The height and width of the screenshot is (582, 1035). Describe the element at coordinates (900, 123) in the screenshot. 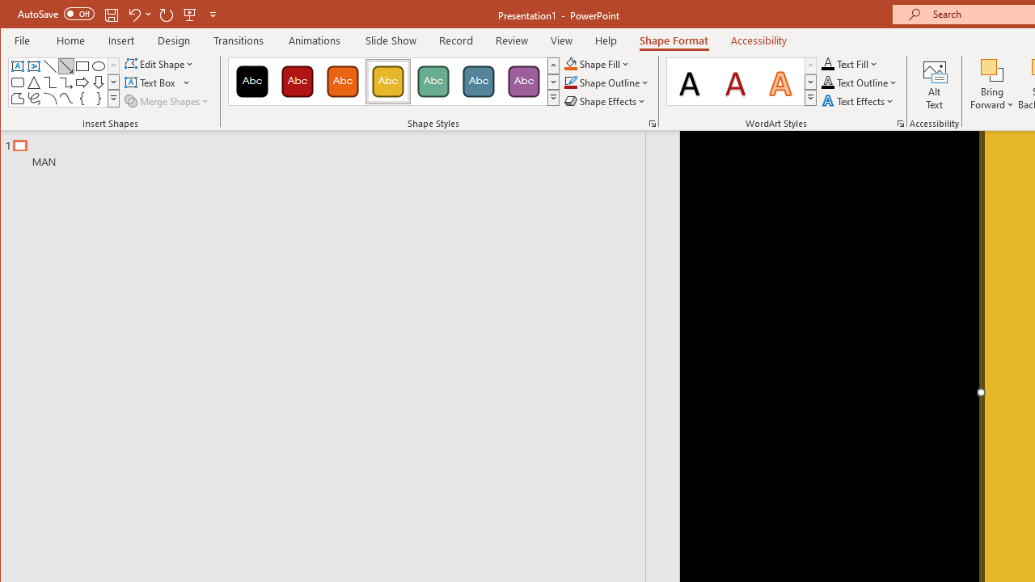

I see `'Format Text Effects...'` at that location.